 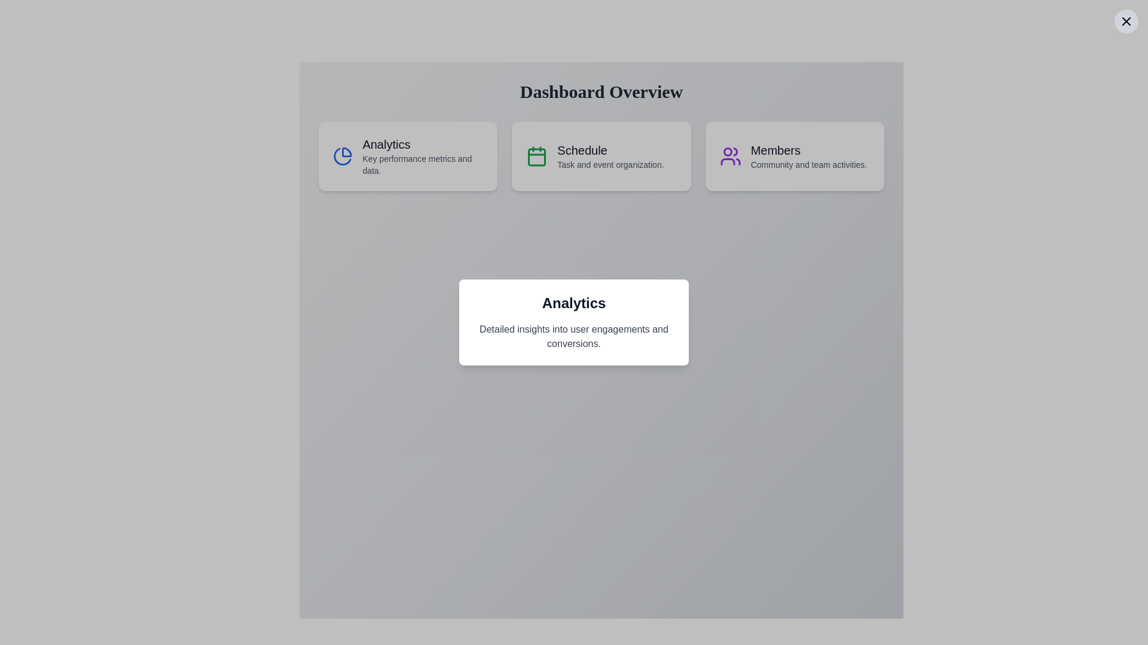 I want to click on the close button located in the top-right corner of the interface, which is associated with the dismiss action for the Analytics card, to change its background color, so click(x=1125, y=21).